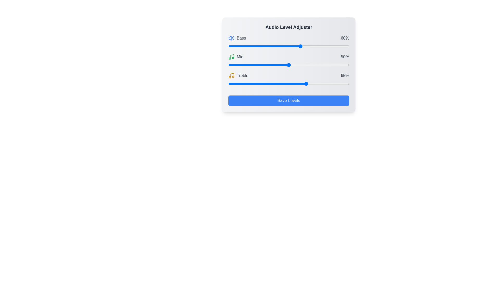 This screenshot has width=500, height=281. What do you see at coordinates (241, 38) in the screenshot?
I see `the text label that reads 'Bass.' styled in gray, positioned next to a blue sound icon in the audio adjustment interface` at bounding box center [241, 38].